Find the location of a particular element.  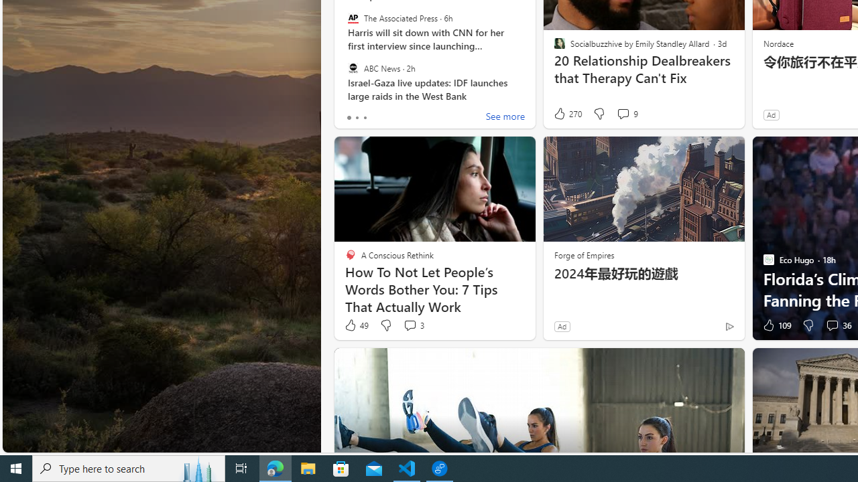

'Ad Choice' is located at coordinates (729, 326).